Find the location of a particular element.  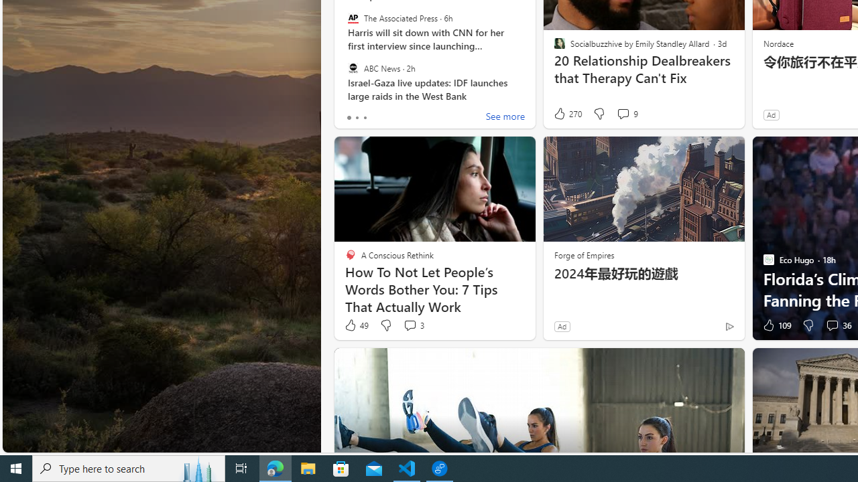

'Ad Choice' is located at coordinates (729, 326).